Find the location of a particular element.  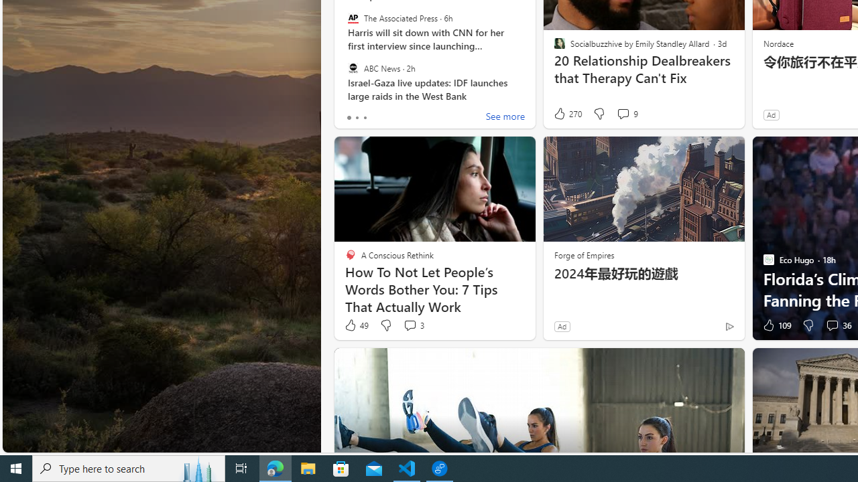

'Ad Choice' is located at coordinates (729, 326).